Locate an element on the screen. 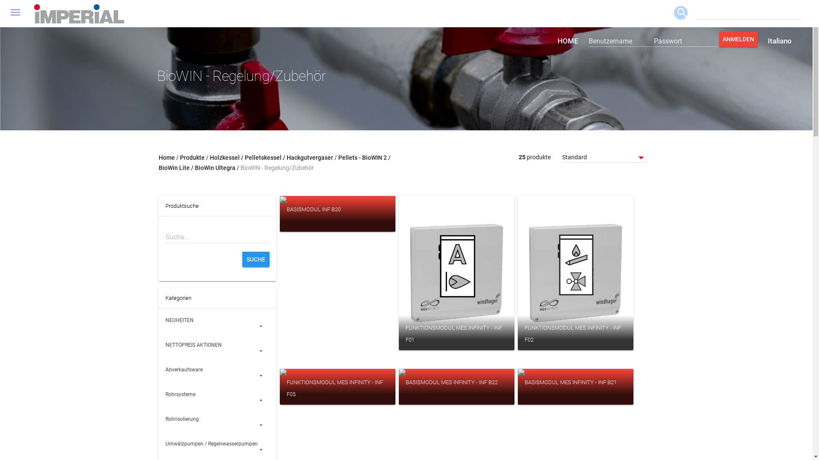  'Windhager FUNKTIONSMODUL MES INFINITY - INF F02' is located at coordinates (575, 273).